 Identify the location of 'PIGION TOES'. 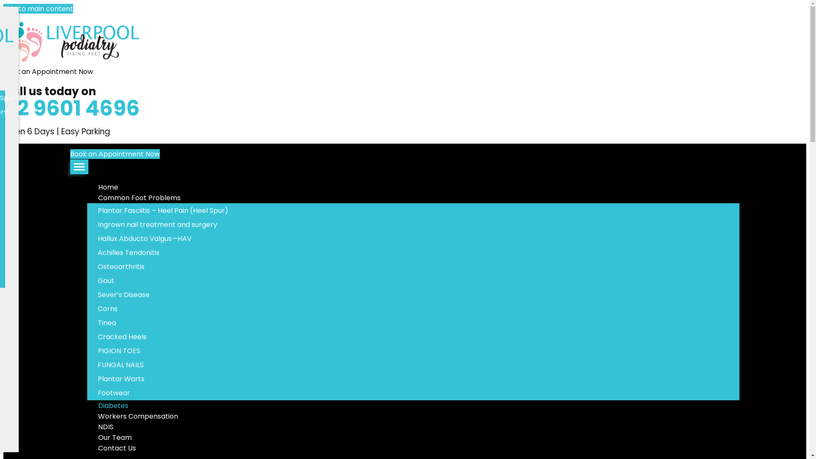
(88, 351).